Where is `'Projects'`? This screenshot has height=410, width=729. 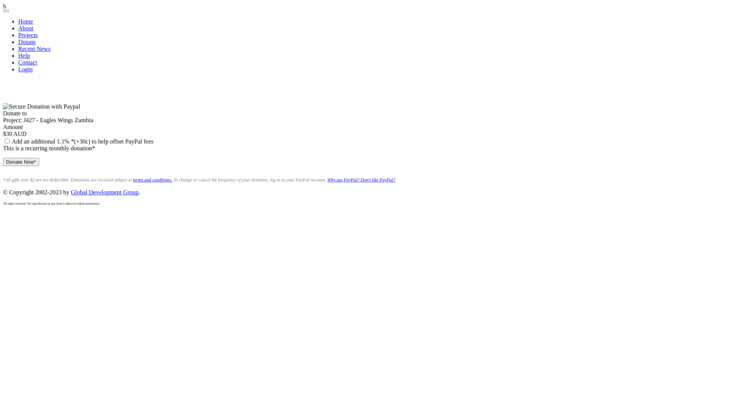
'Projects' is located at coordinates (28, 35).